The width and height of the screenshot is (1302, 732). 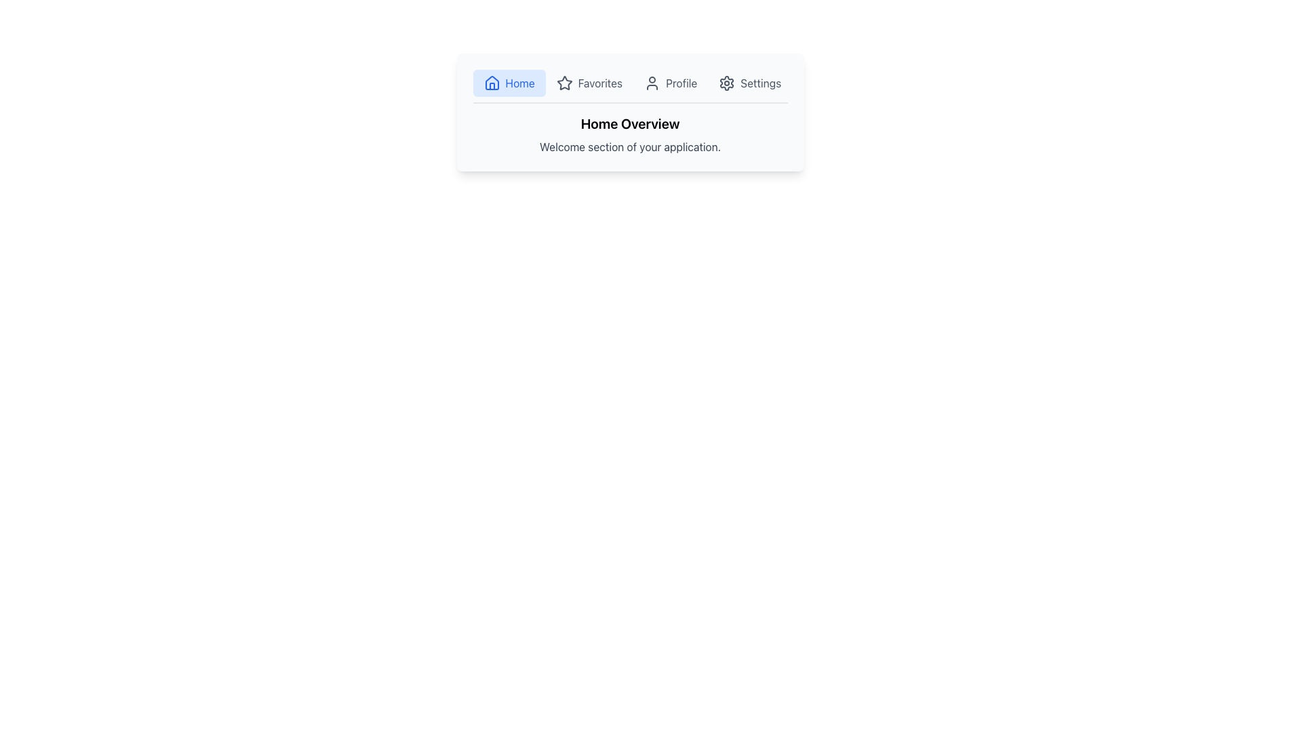 I want to click on the star-shaped icon in the navigation menu, which is the second icon from the left and represents a favorites or rating feature, so click(x=564, y=83).